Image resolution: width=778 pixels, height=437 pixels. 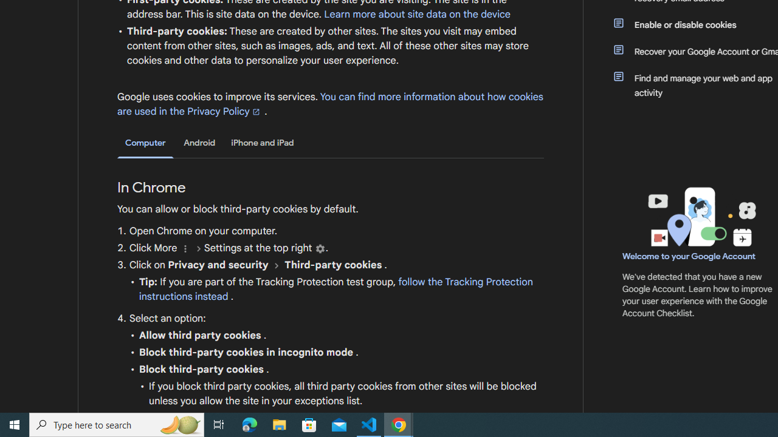 What do you see at coordinates (145, 143) in the screenshot?
I see `'Computer'` at bounding box center [145, 143].